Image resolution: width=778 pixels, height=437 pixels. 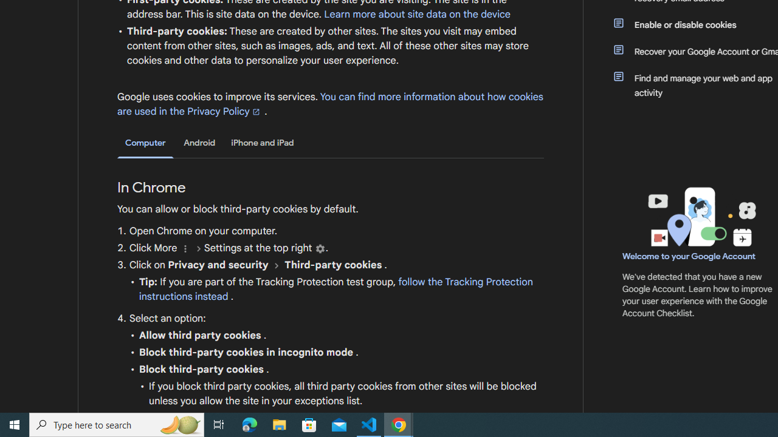 What do you see at coordinates (145, 143) in the screenshot?
I see `'Computer'` at bounding box center [145, 143].